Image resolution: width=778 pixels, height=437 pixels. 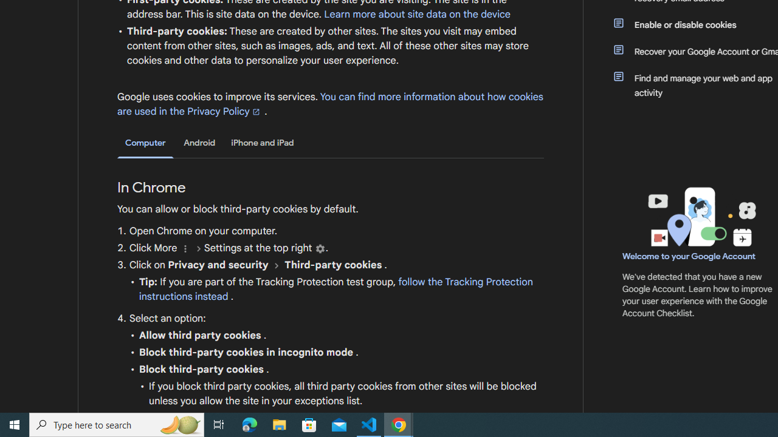 What do you see at coordinates (145, 143) in the screenshot?
I see `'Computer'` at bounding box center [145, 143].